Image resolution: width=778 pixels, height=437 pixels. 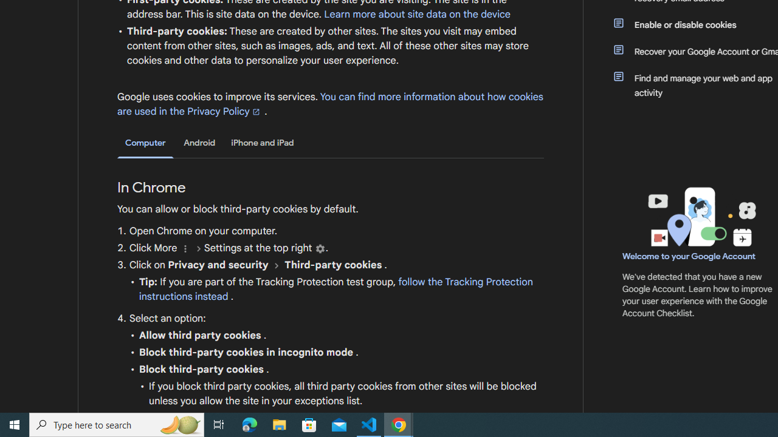 What do you see at coordinates (145, 143) in the screenshot?
I see `'Computer'` at bounding box center [145, 143].